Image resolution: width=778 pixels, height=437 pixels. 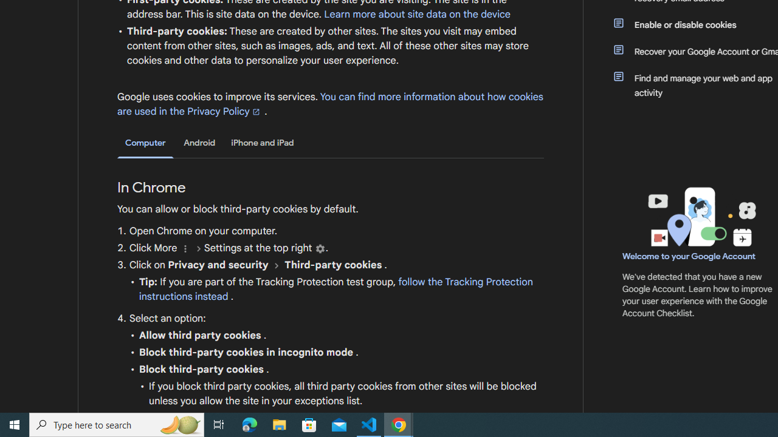 What do you see at coordinates (145, 143) in the screenshot?
I see `'Computer'` at bounding box center [145, 143].